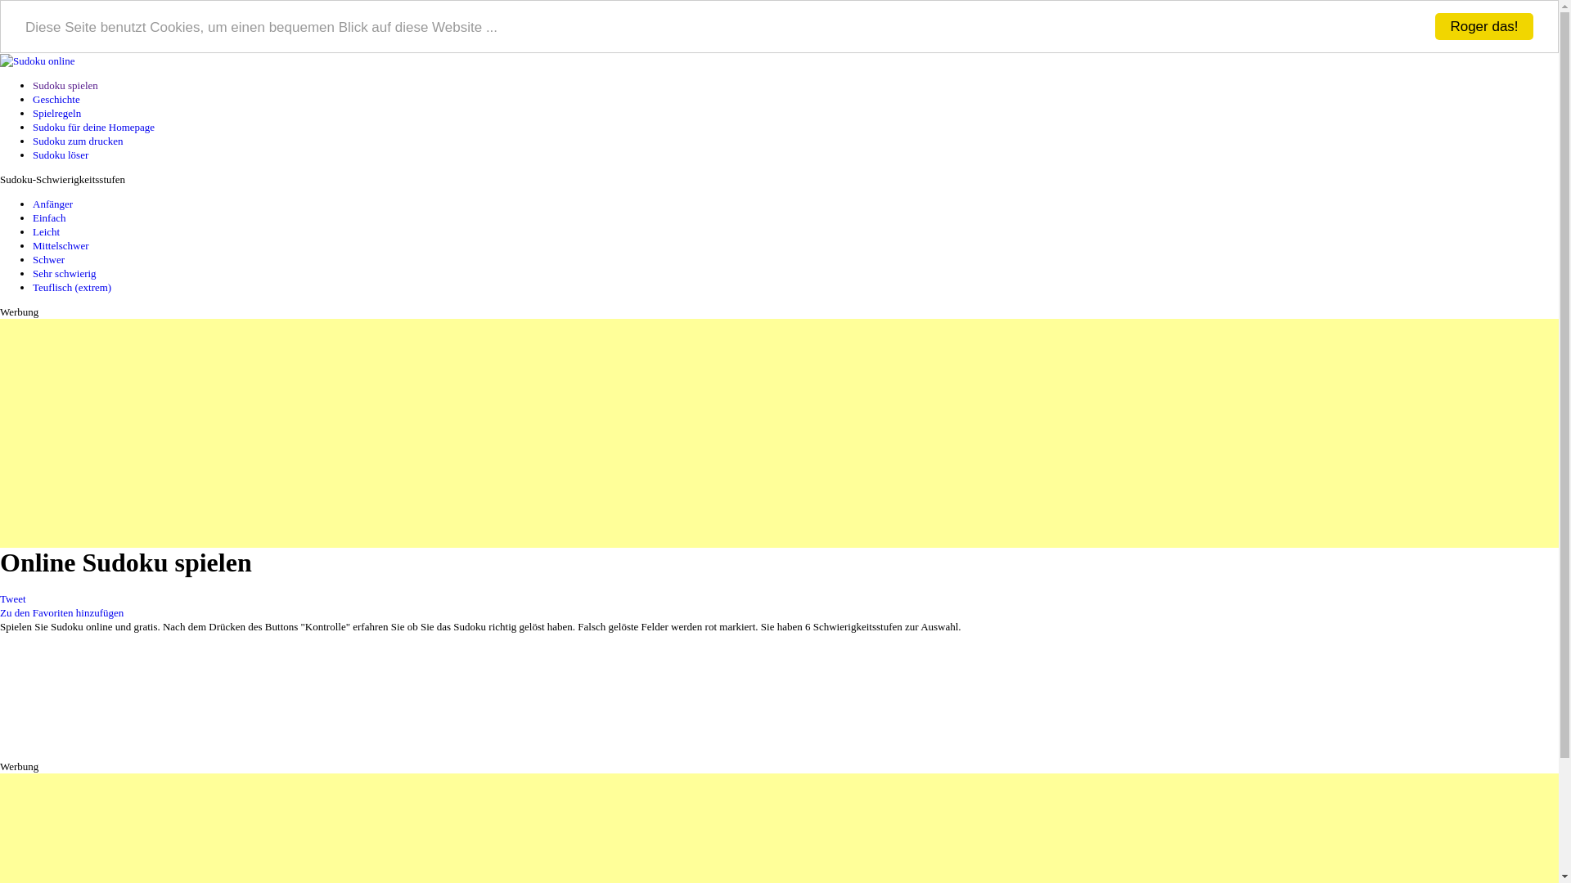 Image resolution: width=1571 pixels, height=883 pixels. Describe the element at coordinates (12, 598) in the screenshot. I see `'Tweet'` at that location.